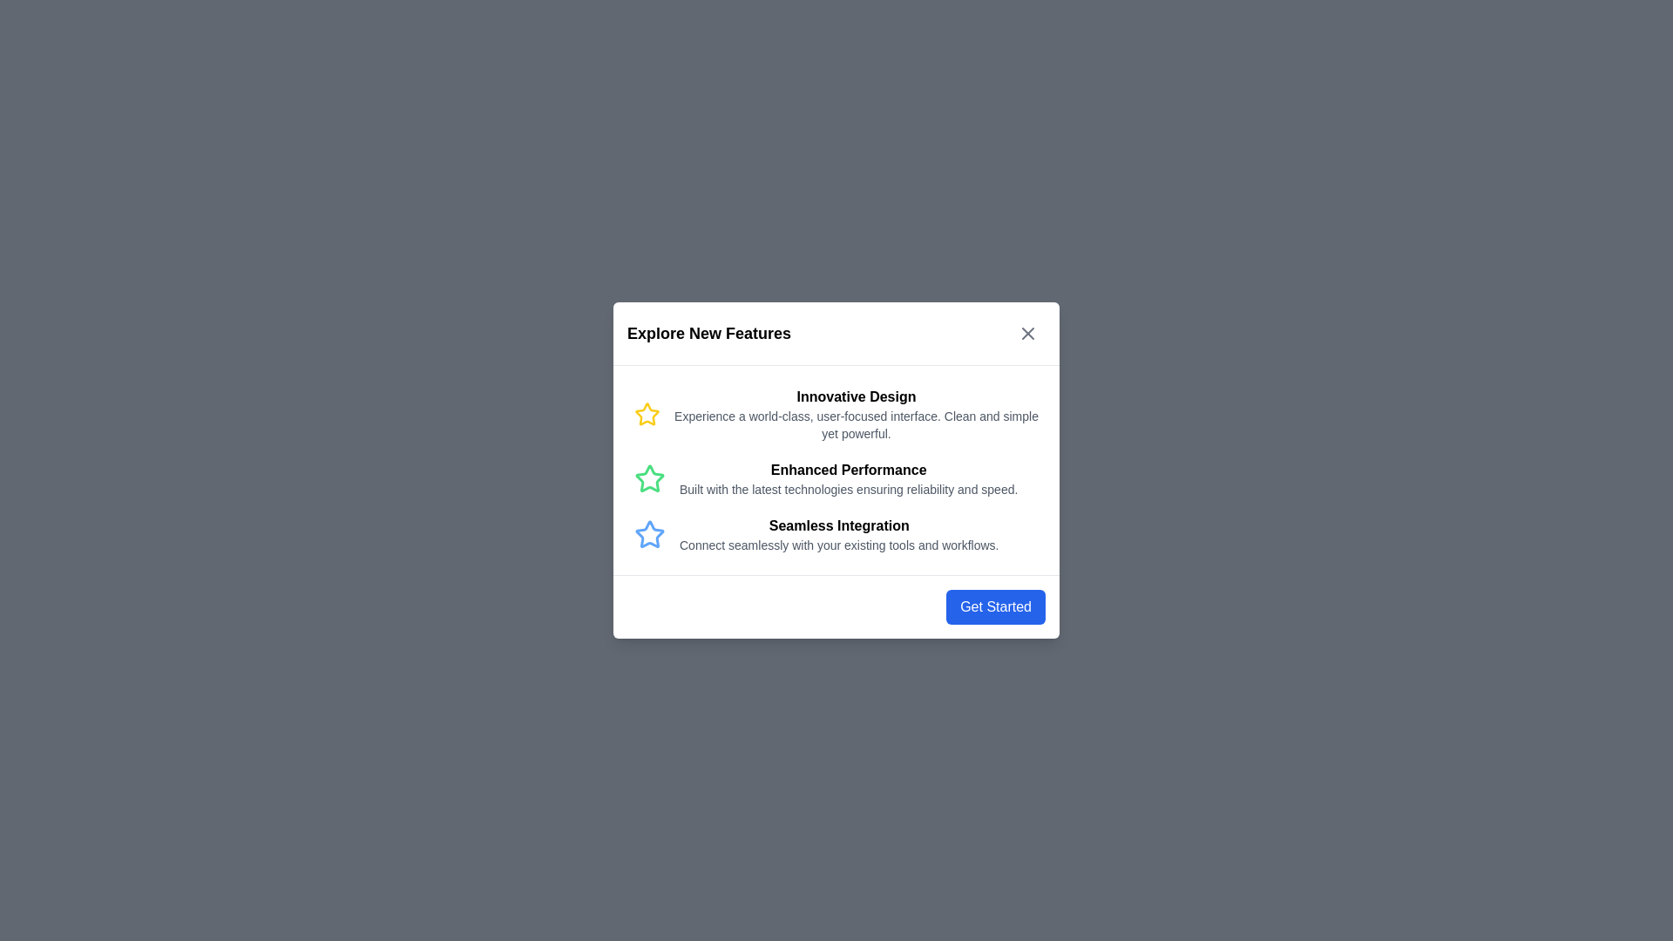 This screenshot has width=1673, height=941. Describe the element at coordinates (648, 533) in the screenshot. I see `the blue star-shaped icon, which is the first in a vertical list of three icons aligned to the left of their respective labels and descriptions` at that location.